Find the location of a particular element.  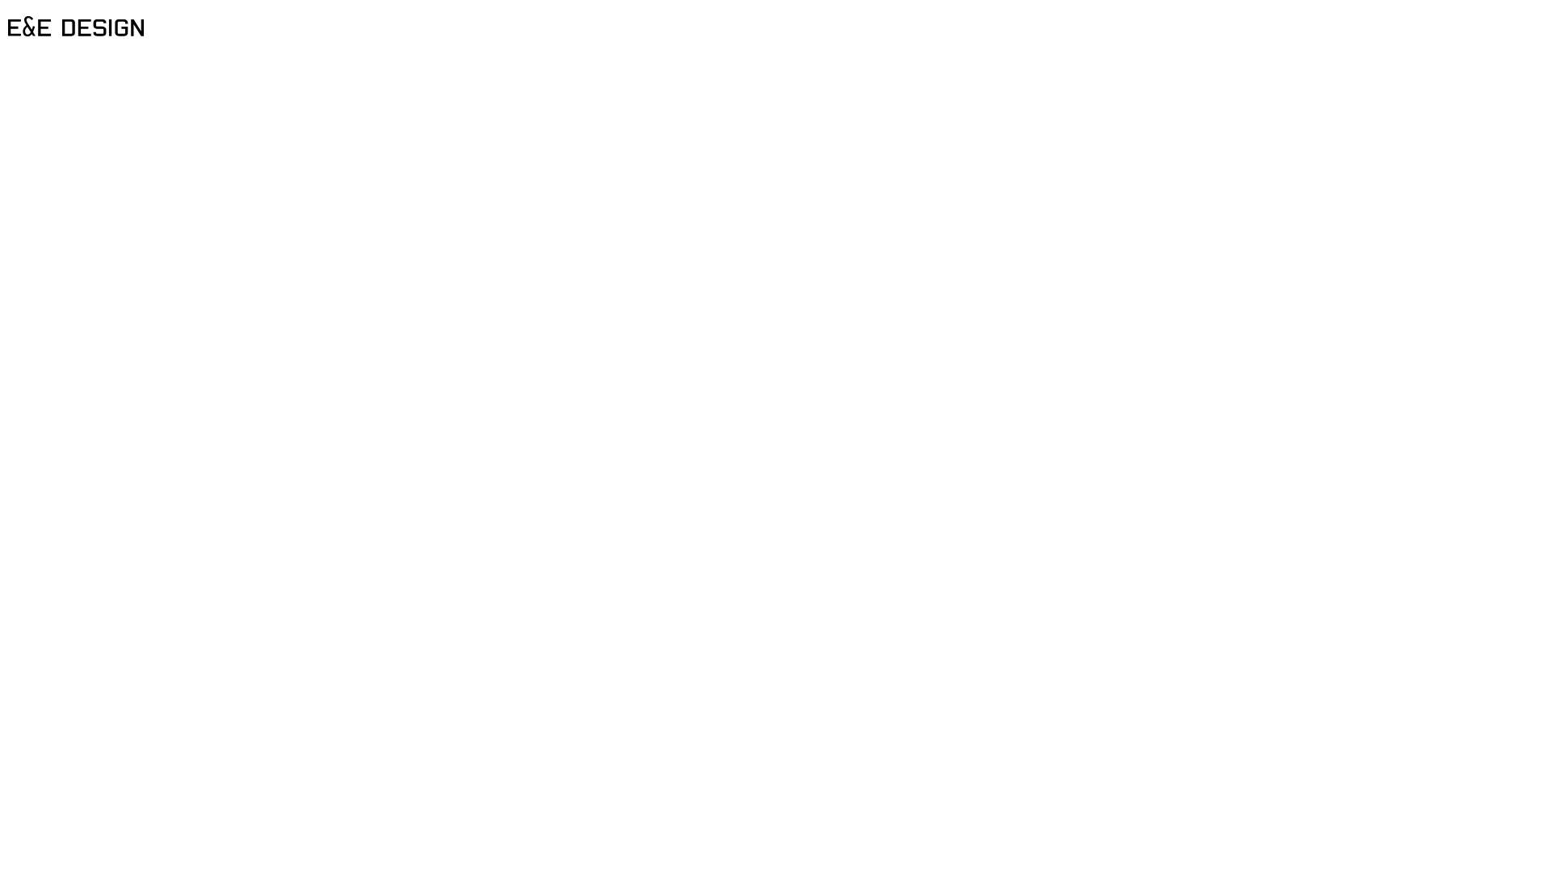

'Work' is located at coordinates (775, 18).